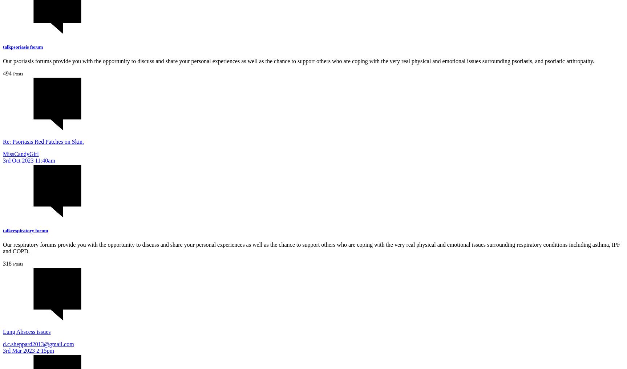 The height and width of the screenshot is (369, 627). I want to click on '494', so click(7, 73).